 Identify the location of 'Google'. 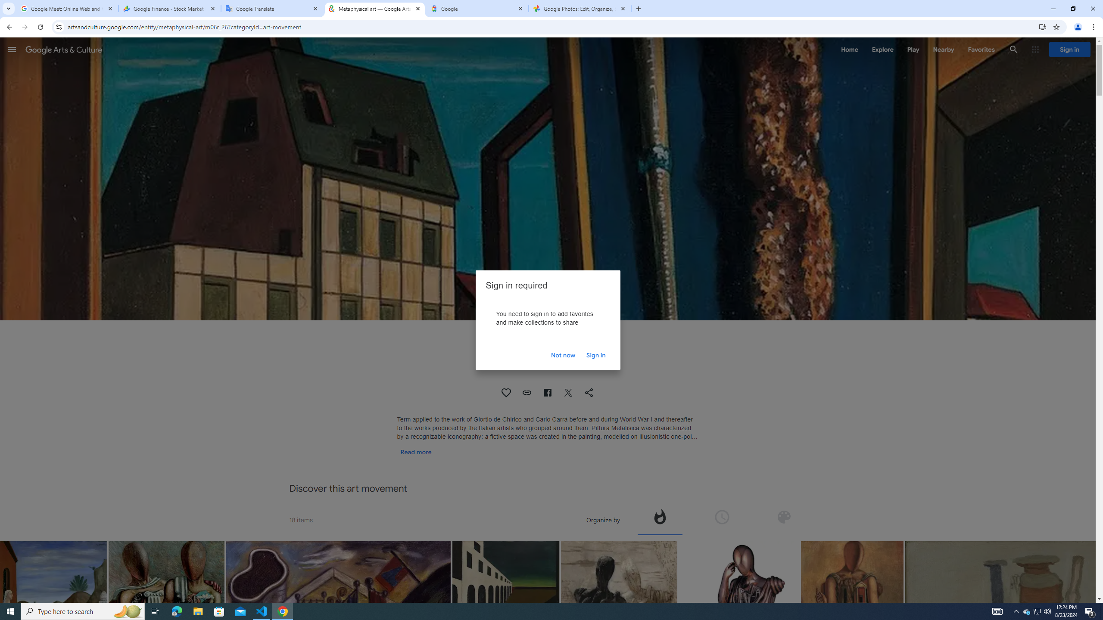
(477, 8).